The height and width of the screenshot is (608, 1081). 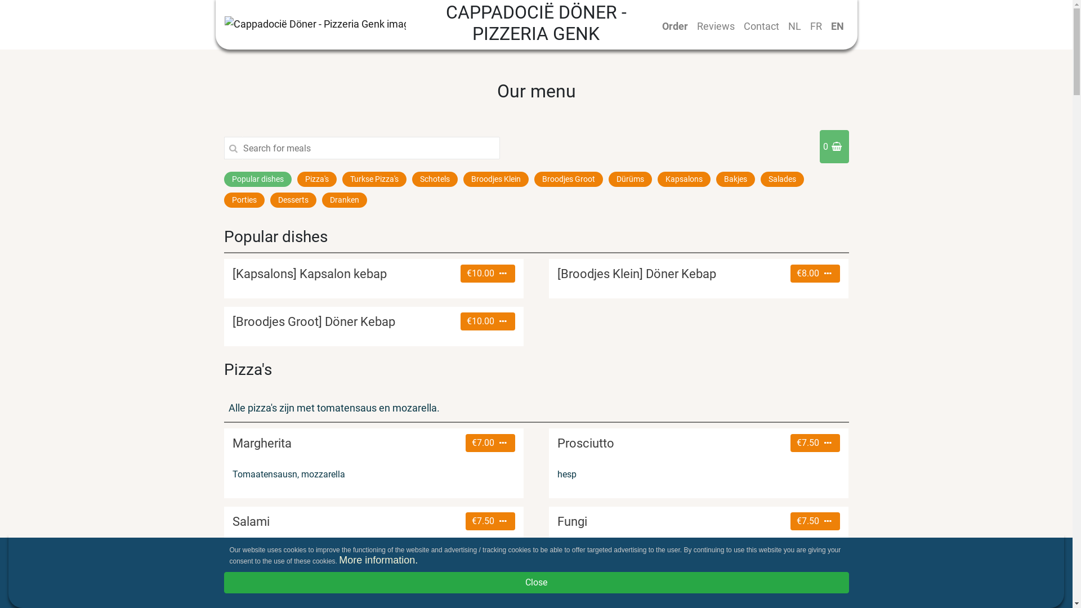 What do you see at coordinates (495, 178) in the screenshot?
I see `'Broodjes Klein'` at bounding box center [495, 178].